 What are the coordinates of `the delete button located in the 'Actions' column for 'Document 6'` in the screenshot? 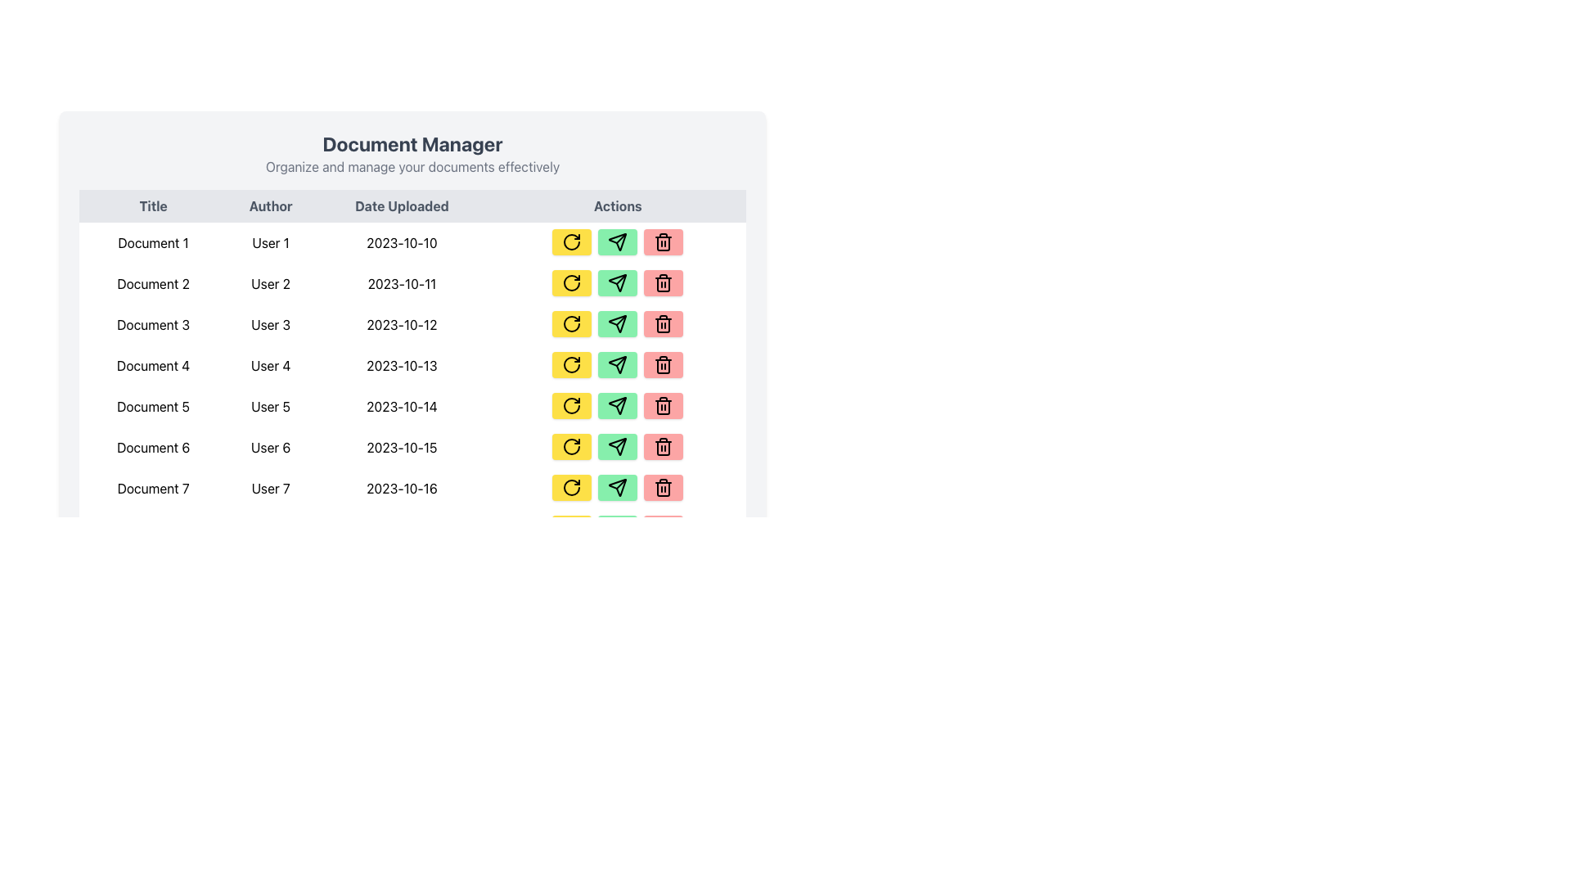 It's located at (664, 447).